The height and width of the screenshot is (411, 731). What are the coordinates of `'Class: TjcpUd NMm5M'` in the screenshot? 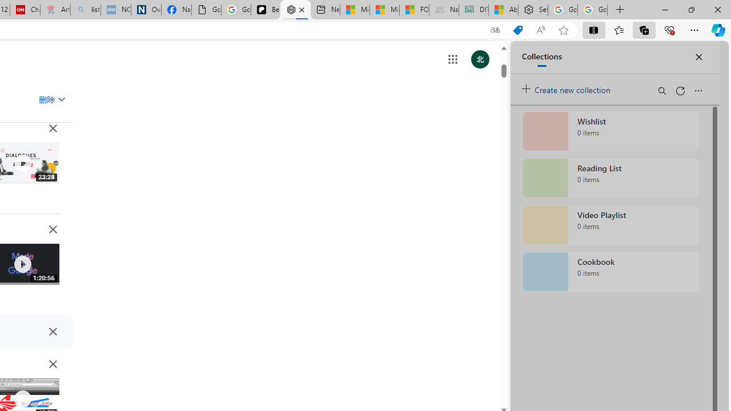 It's located at (52, 364).